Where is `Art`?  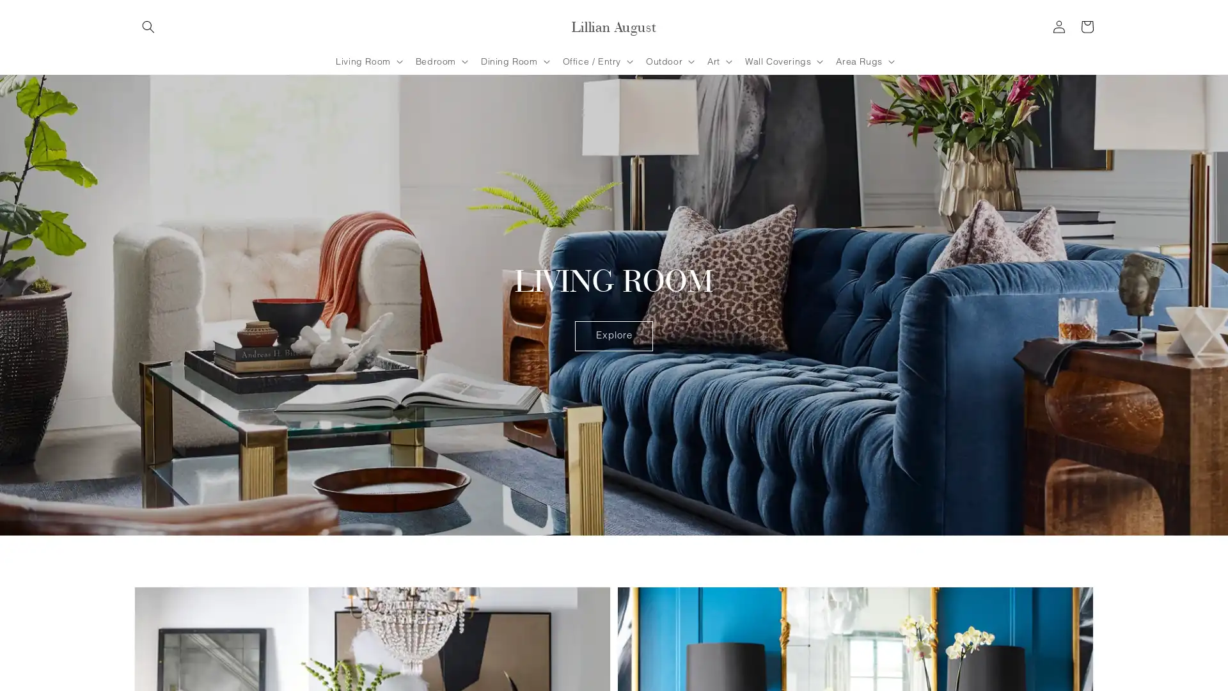 Art is located at coordinates (718, 61).